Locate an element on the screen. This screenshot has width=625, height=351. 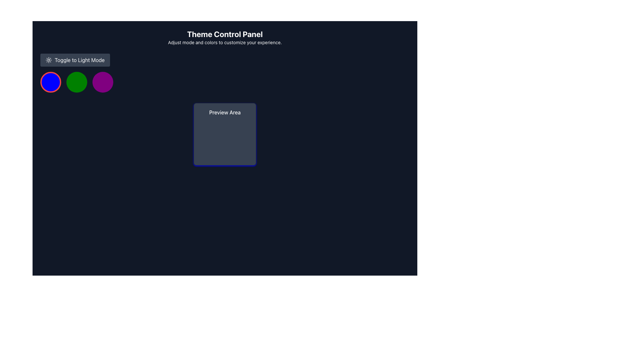
the mode toggle button located below the 'Theme Control Panel' heading, which allows users to switch between dark mode and light mode themes is located at coordinates (75, 60).